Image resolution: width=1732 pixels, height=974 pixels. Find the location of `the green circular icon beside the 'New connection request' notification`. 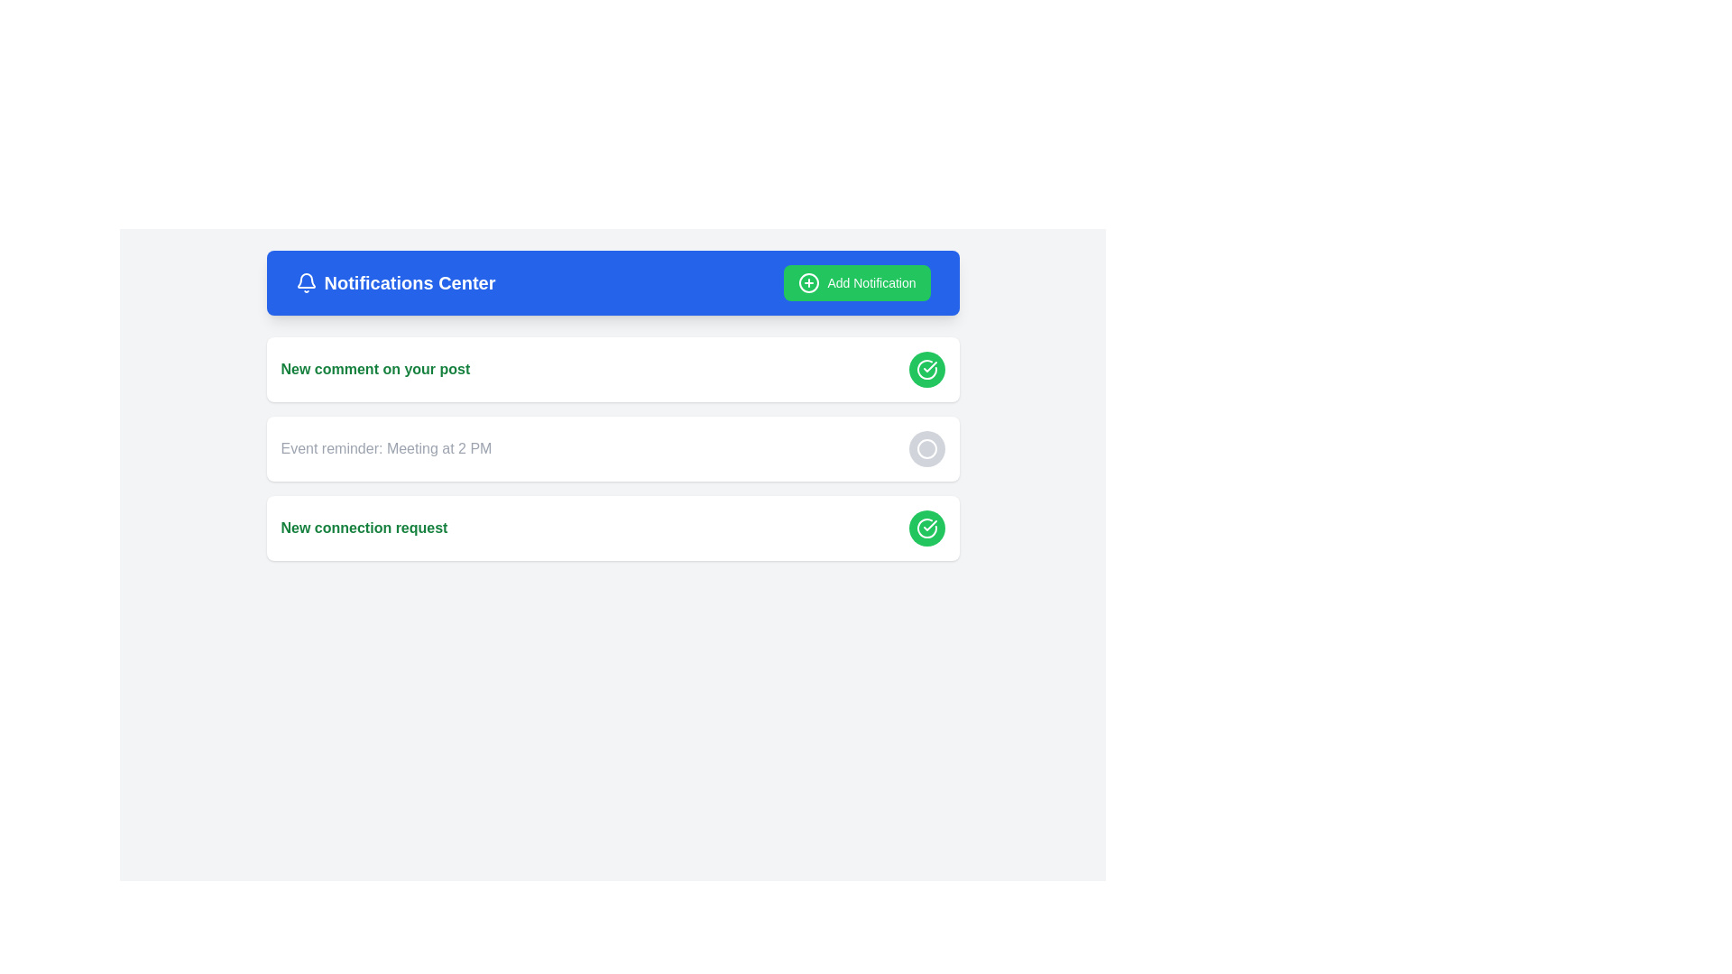

the green circular icon beside the 'New connection request' notification is located at coordinates (926, 528).